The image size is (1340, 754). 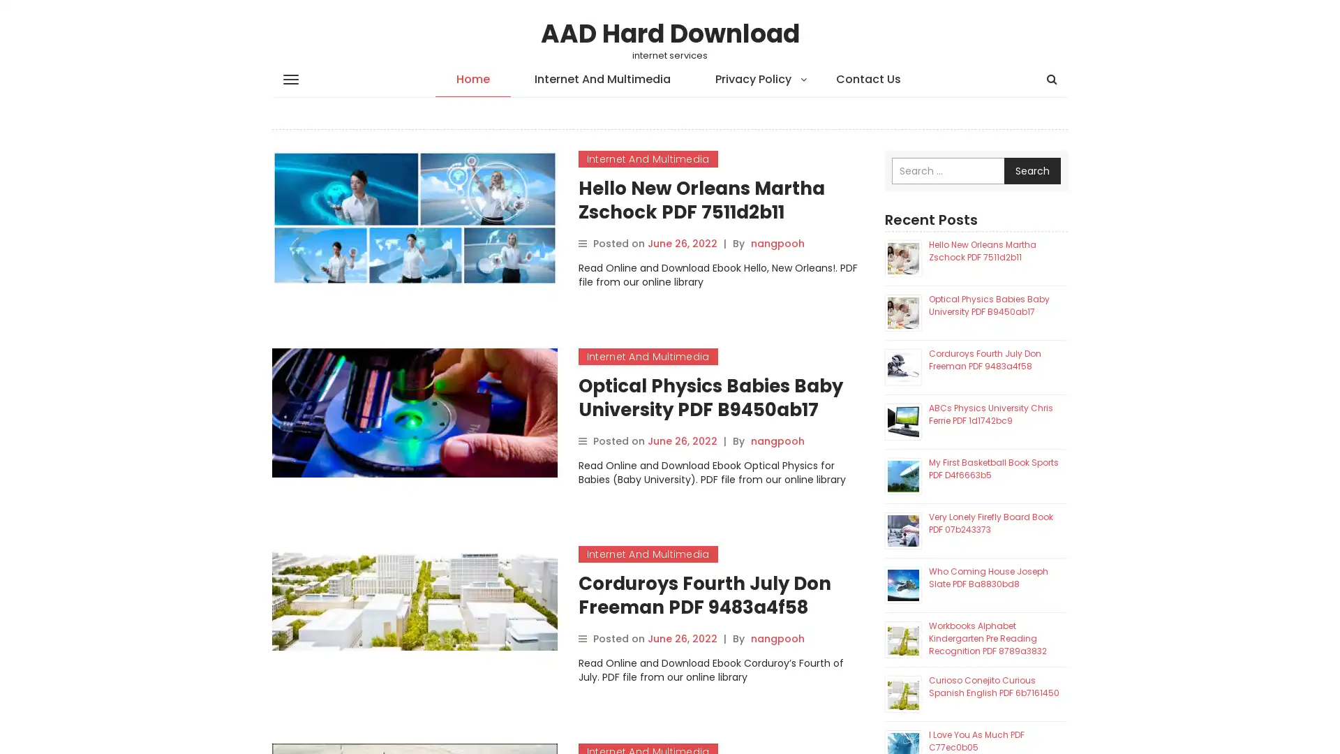 What do you see at coordinates (1032, 170) in the screenshot?
I see `Search` at bounding box center [1032, 170].